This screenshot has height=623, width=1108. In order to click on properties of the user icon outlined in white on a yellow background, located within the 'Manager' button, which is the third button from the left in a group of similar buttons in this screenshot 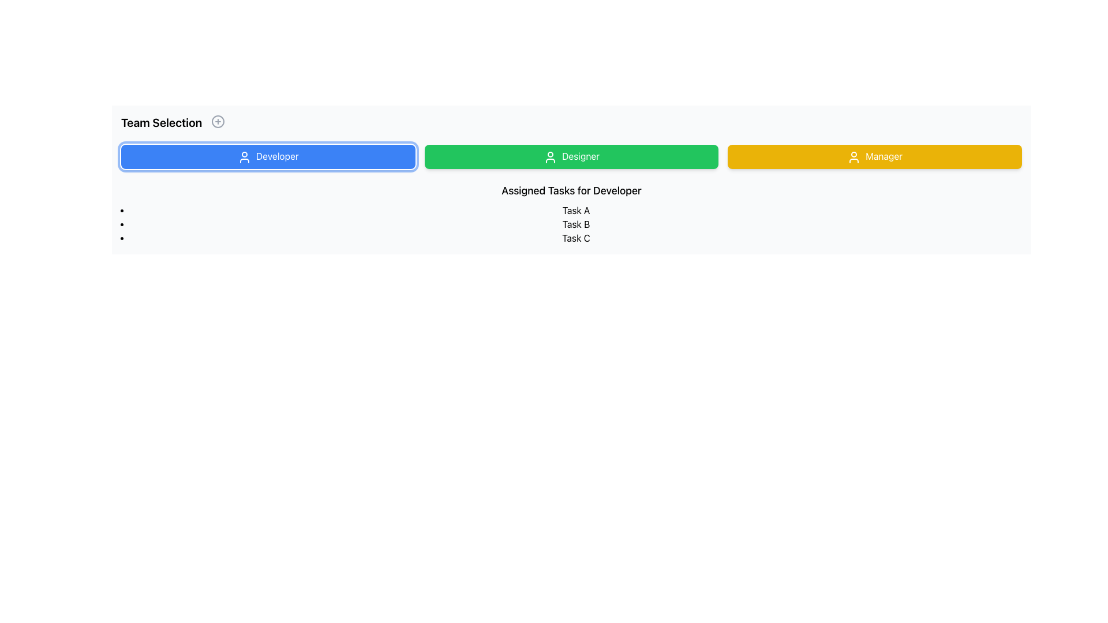, I will do `click(854, 157)`.